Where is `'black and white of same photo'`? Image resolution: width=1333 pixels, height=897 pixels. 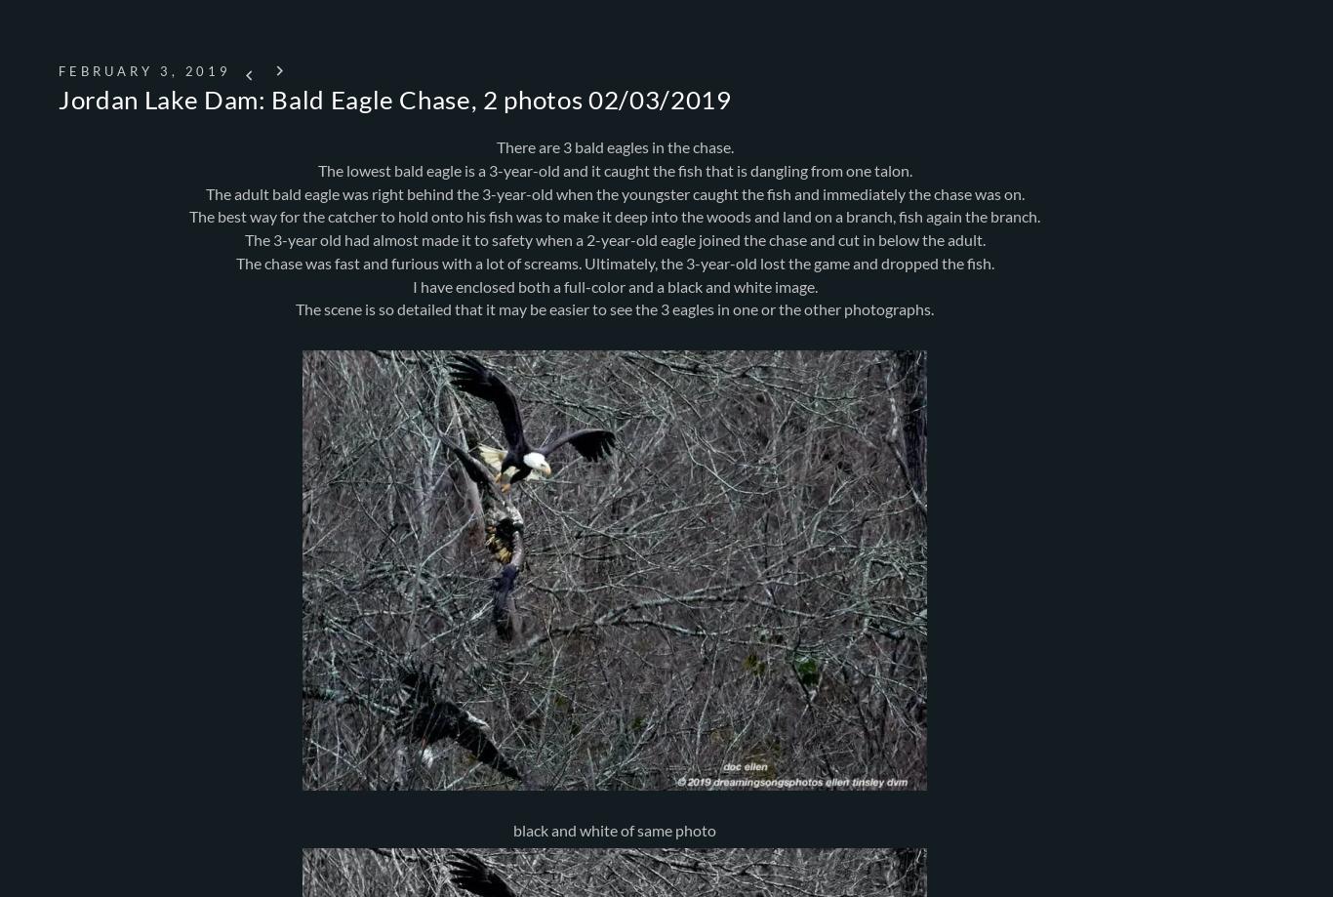
'black and white of same photo' is located at coordinates (513, 829).